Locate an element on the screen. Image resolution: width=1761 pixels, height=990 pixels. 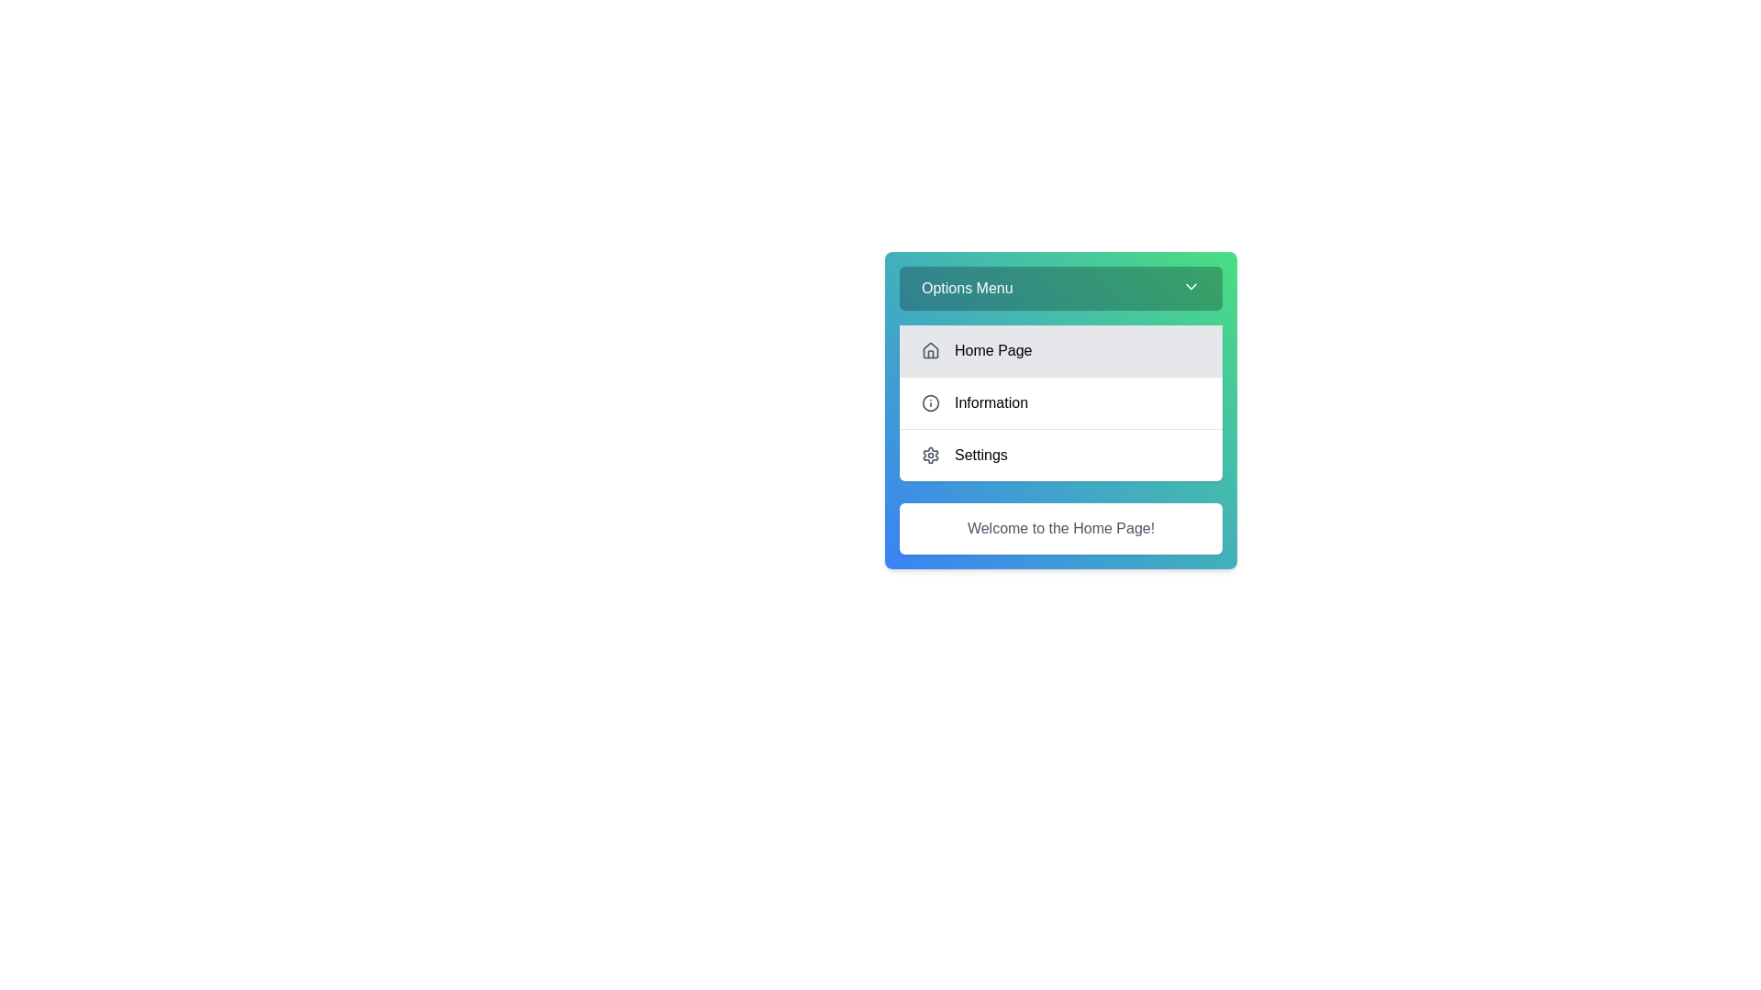
the house-shaped icon located in the top part of the menu panel, immediately to the left of the 'Home Page' text is located at coordinates (930, 349).